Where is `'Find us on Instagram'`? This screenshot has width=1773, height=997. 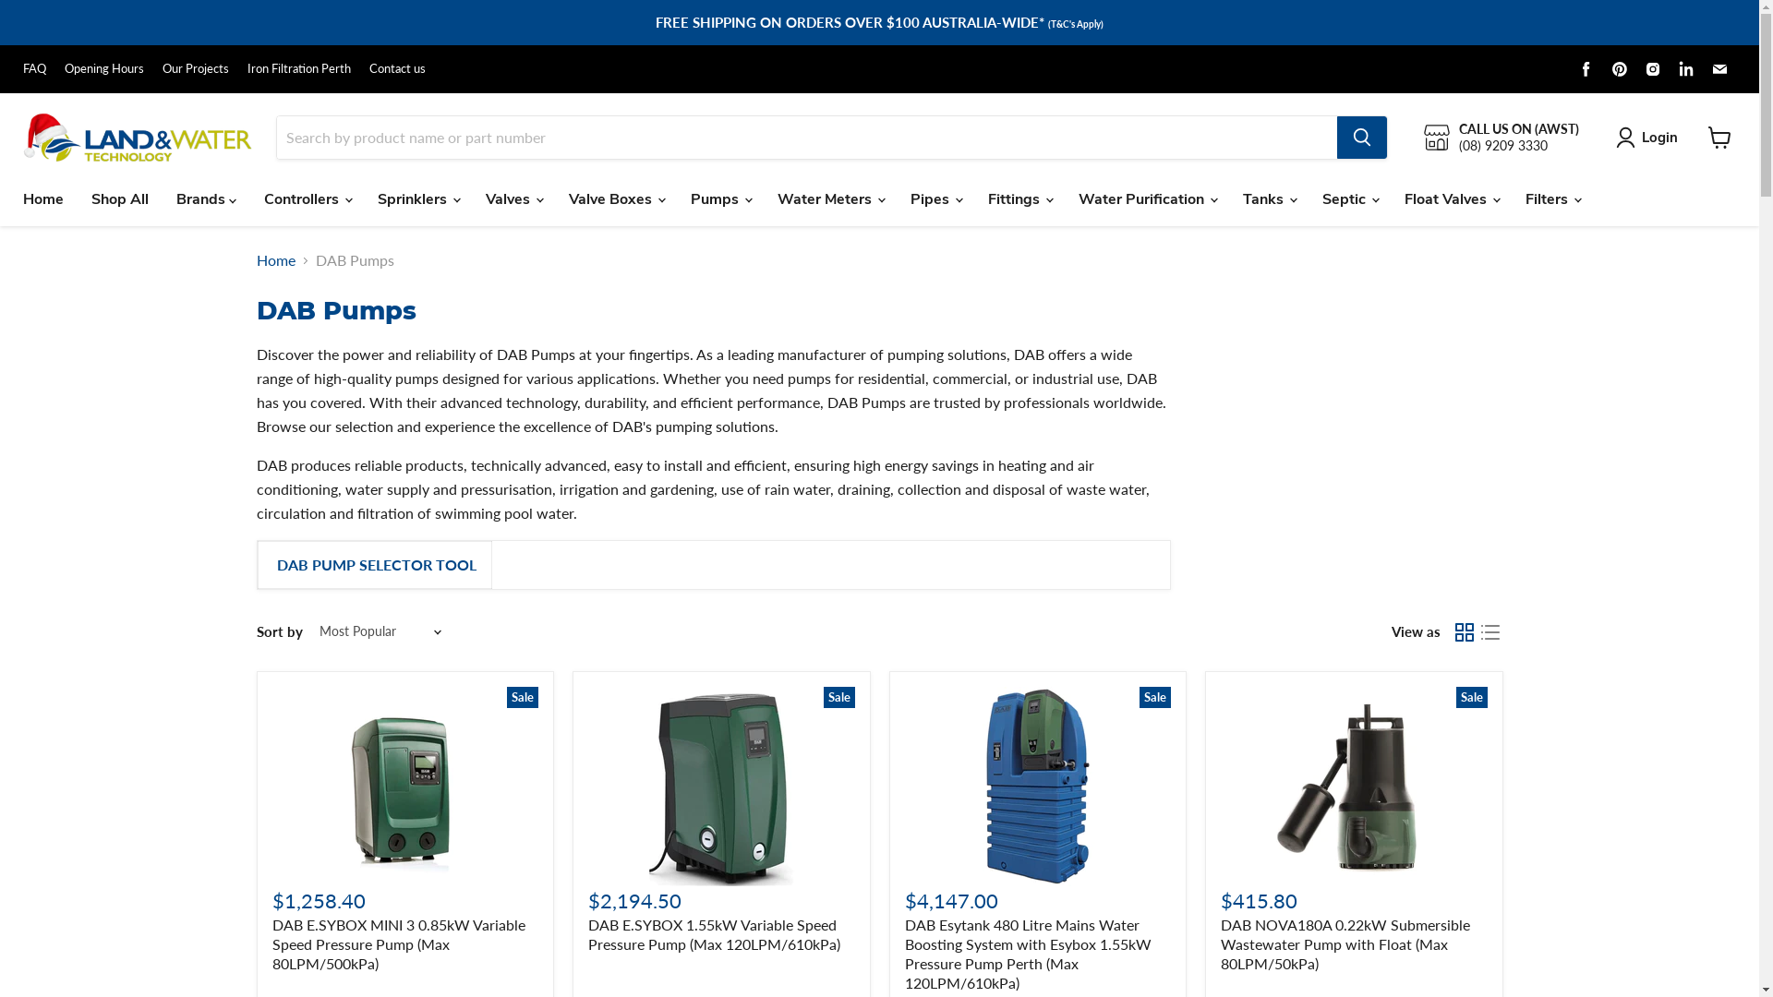 'Find us on Instagram' is located at coordinates (1653, 66).